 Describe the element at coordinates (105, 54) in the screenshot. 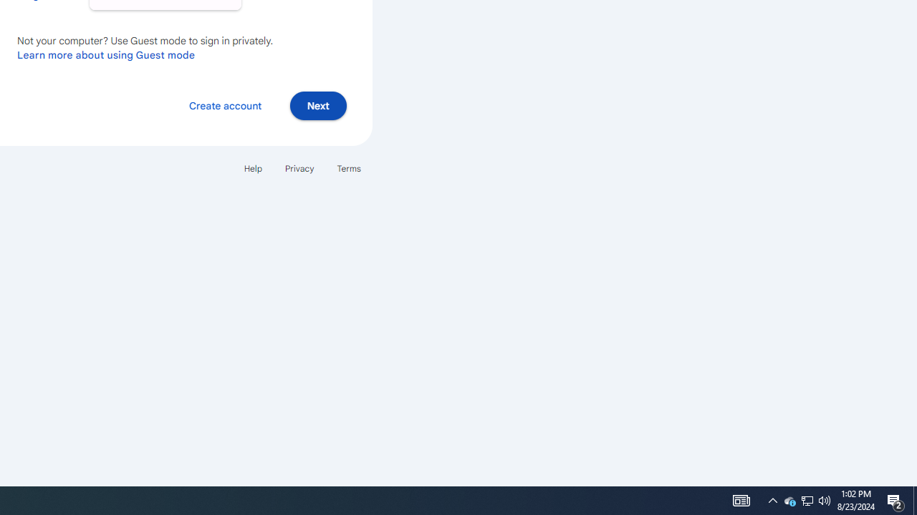

I see `'Learn more about using Guest mode'` at that location.